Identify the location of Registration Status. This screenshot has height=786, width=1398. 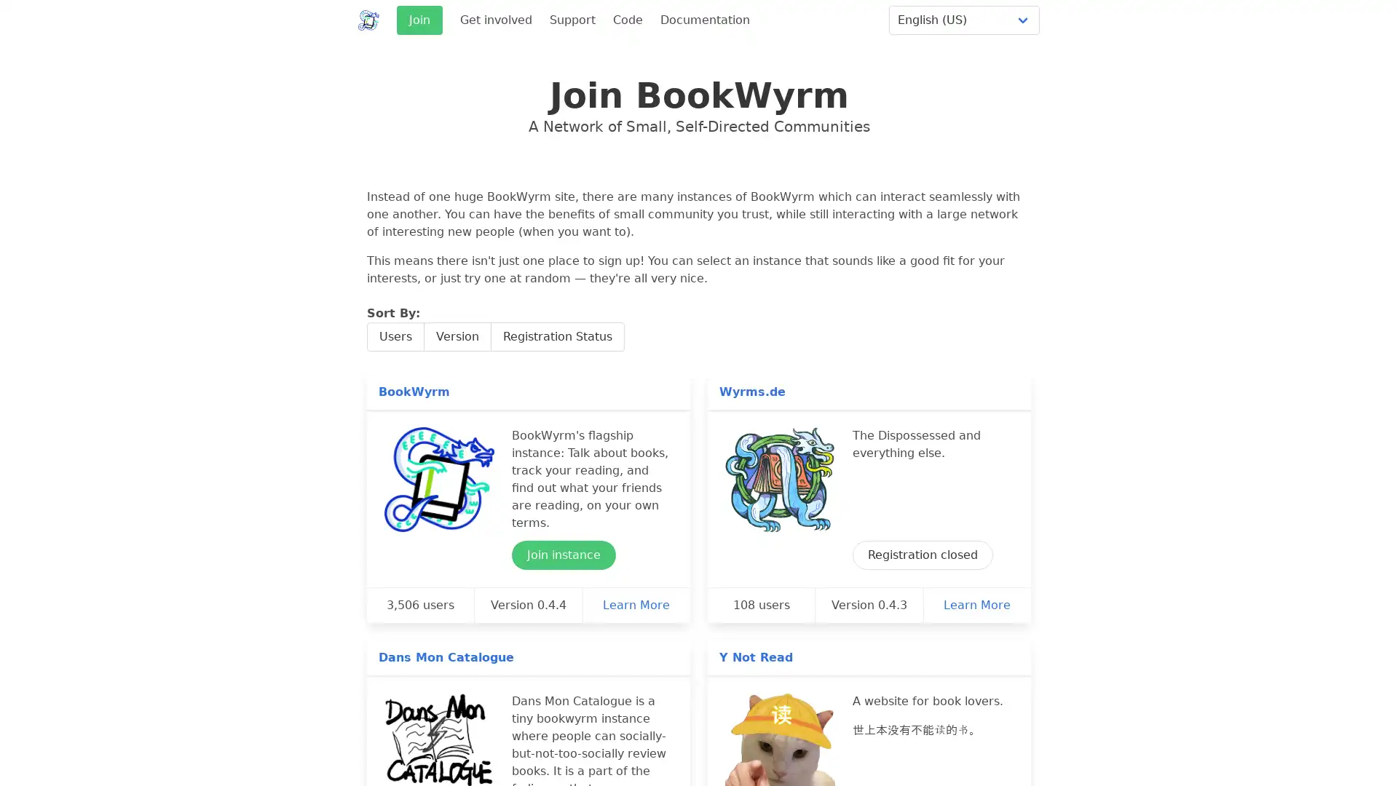
(557, 336).